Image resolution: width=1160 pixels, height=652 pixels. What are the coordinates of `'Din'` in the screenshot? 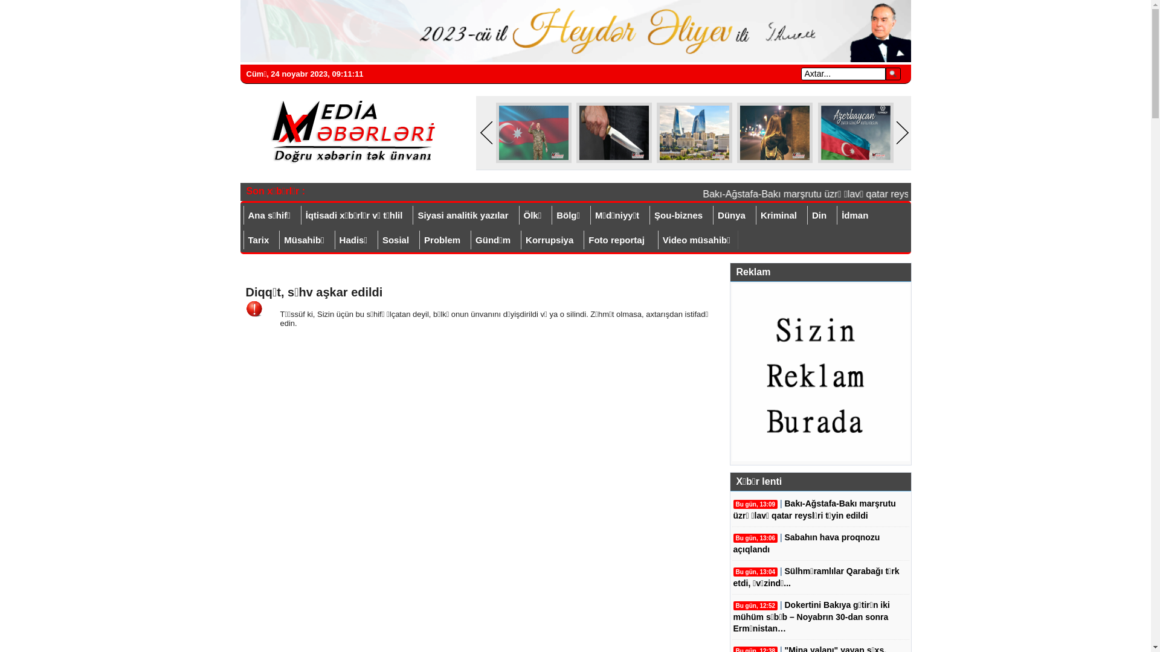 It's located at (819, 214).